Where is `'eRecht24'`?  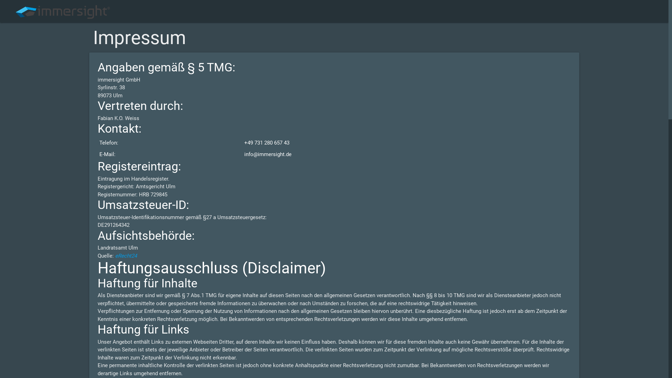 'eRecht24' is located at coordinates (126, 256).